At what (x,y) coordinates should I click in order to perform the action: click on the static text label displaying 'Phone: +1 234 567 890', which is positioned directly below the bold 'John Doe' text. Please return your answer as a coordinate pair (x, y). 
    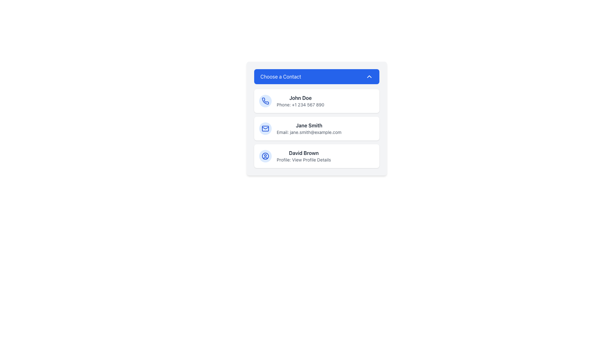
    Looking at the image, I should click on (300, 105).